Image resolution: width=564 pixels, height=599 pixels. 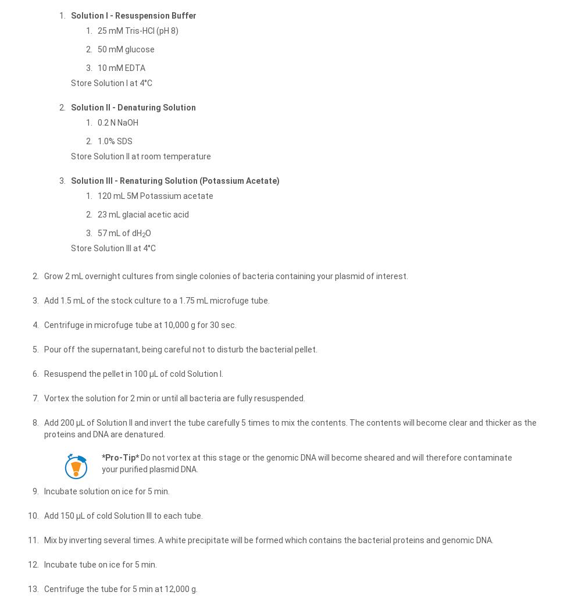 What do you see at coordinates (120, 232) in the screenshot?
I see `'57 mL of dH'` at bounding box center [120, 232].